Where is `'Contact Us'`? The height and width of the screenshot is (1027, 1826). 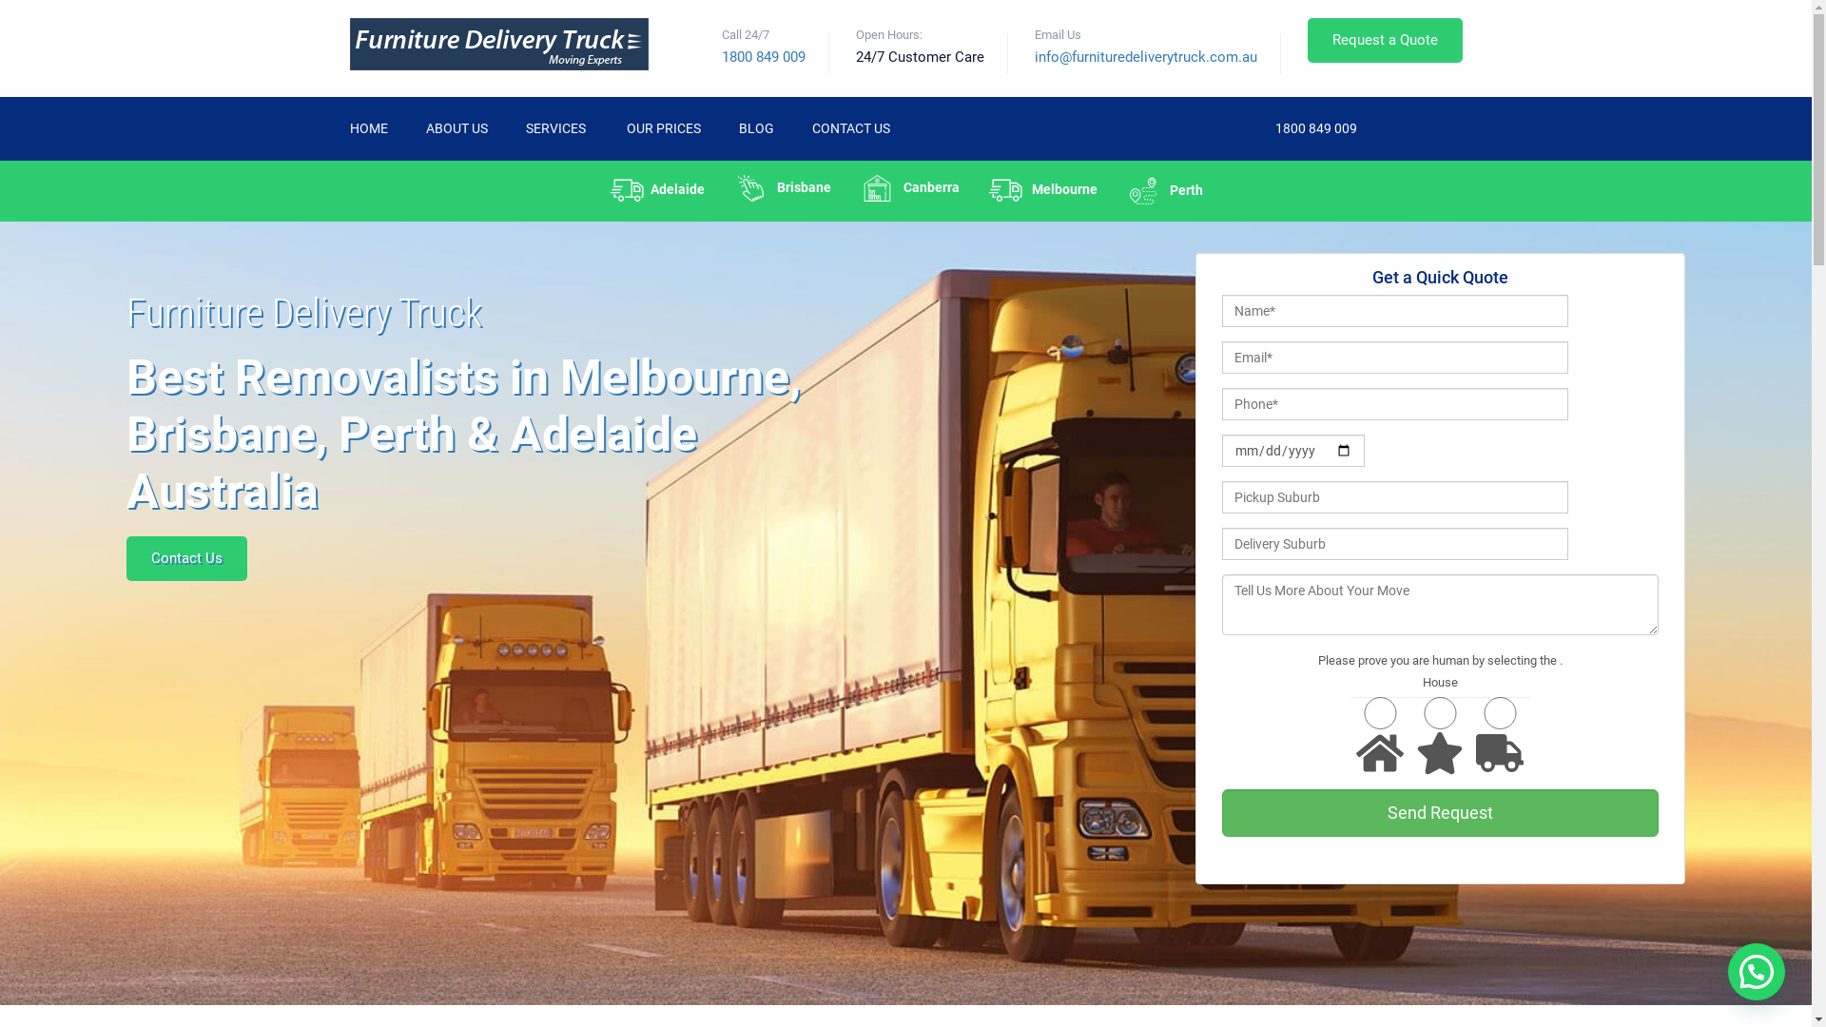
'Contact Us' is located at coordinates (186, 557).